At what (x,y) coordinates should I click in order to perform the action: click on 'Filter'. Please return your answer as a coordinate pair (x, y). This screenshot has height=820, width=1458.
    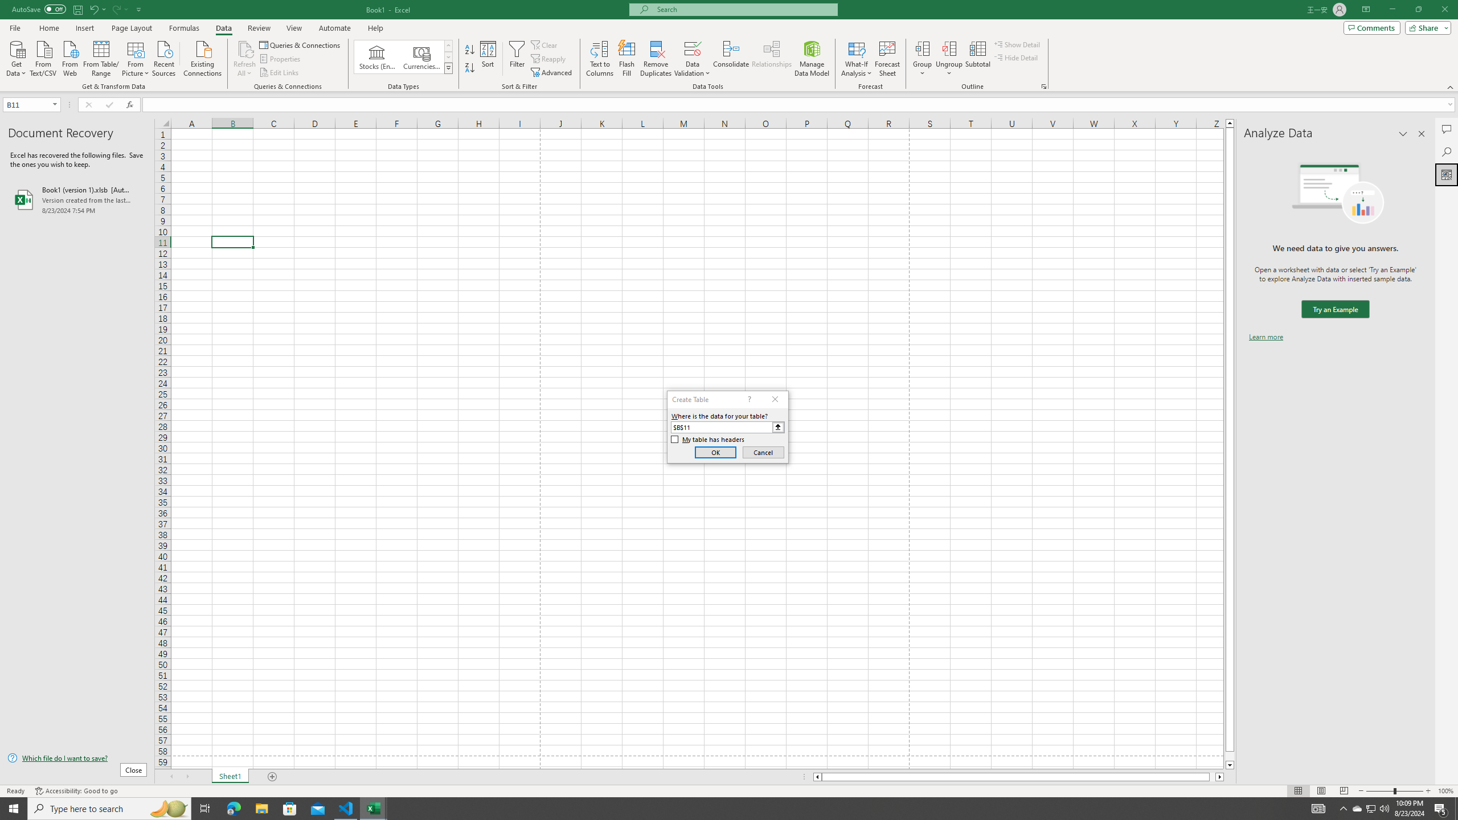
    Looking at the image, I should click on (516, 59).